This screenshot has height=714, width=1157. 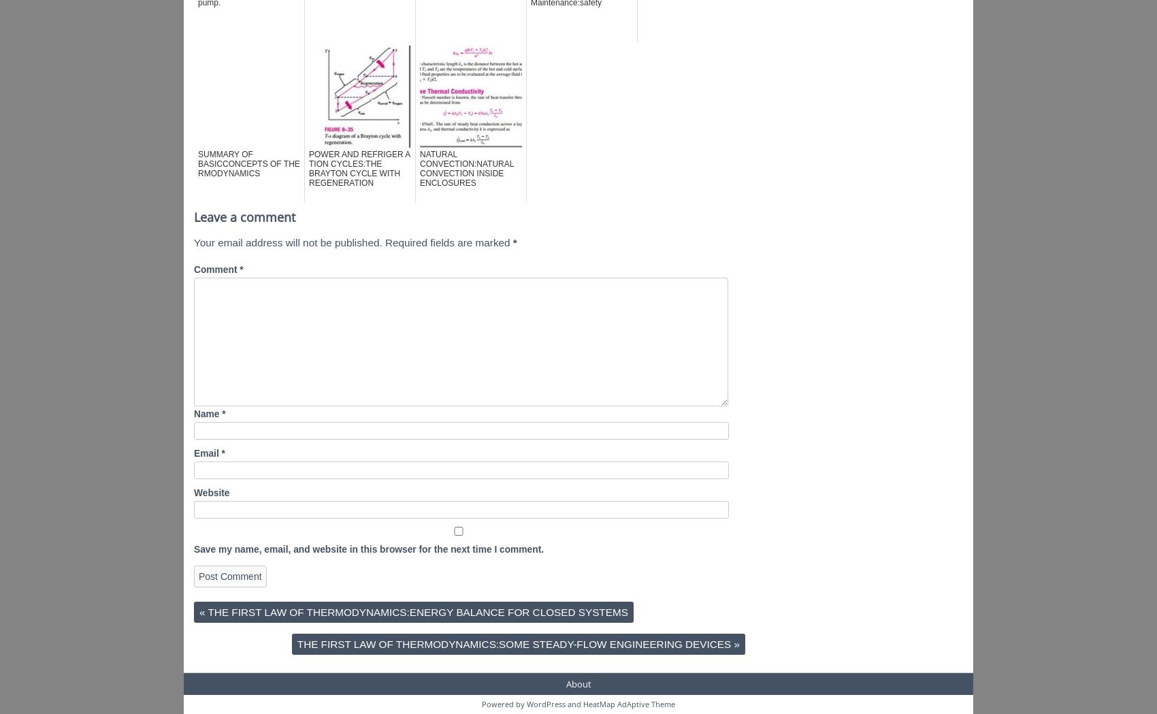 What do you see at coordinates (216, 269) in the screenshot?
I see `'Comment'` at bounding box center [216, 269].